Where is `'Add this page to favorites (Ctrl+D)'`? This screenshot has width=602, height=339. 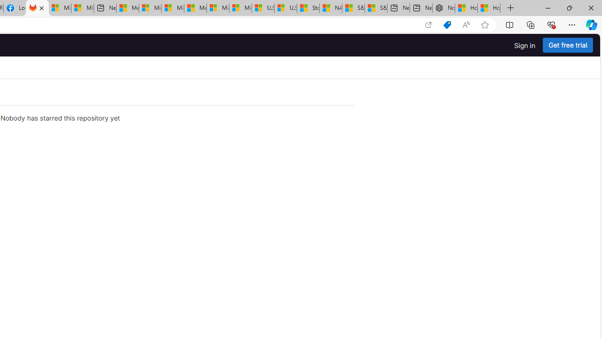
'Add this page to favorites (Ctrl+D)' is located at coordinates (485, 24).